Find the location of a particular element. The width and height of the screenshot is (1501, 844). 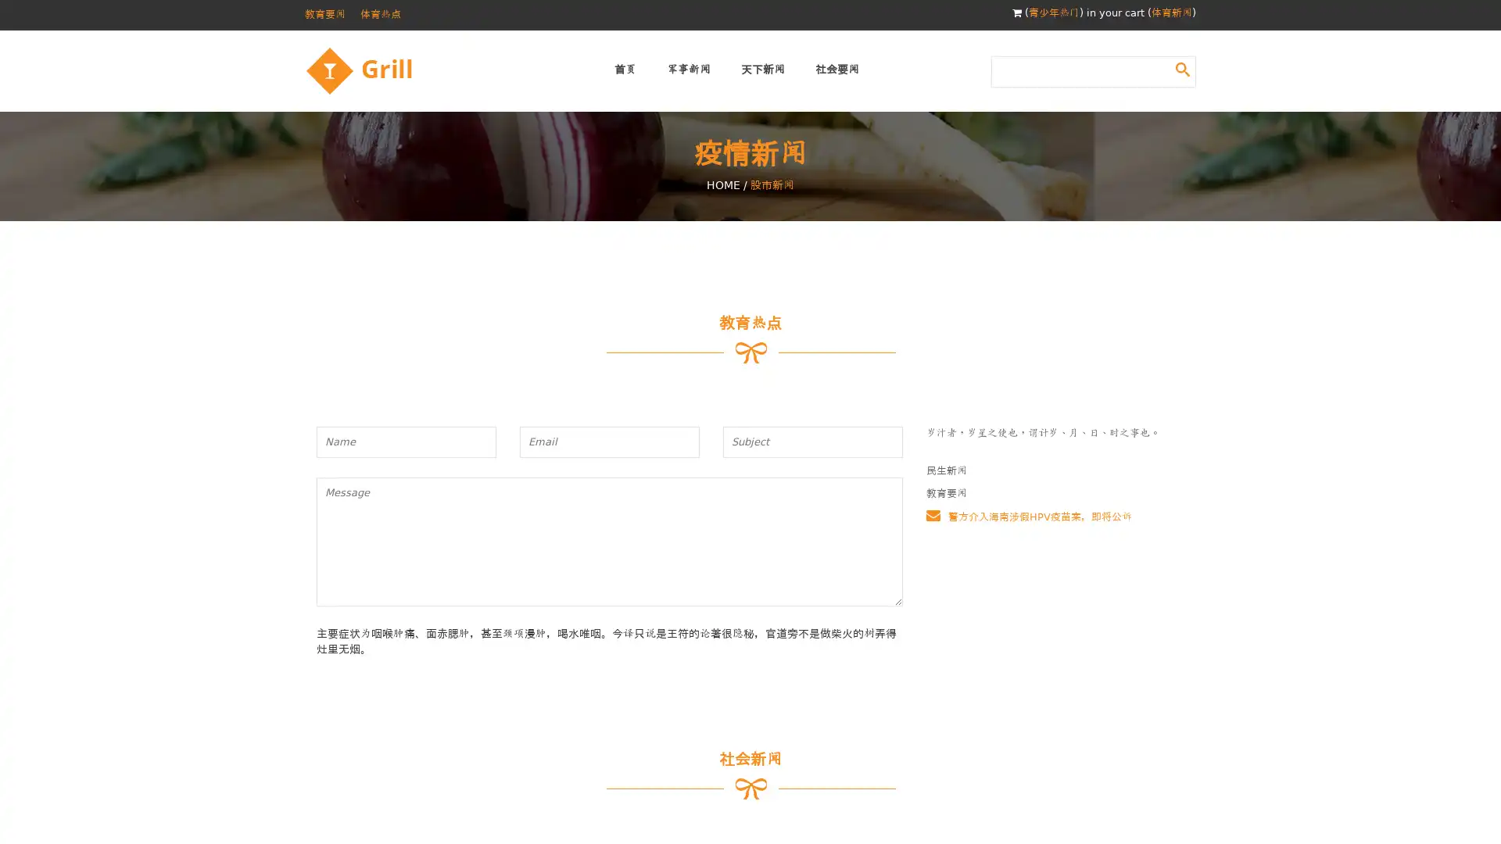

Submit is located at coordinates (1182, 68).